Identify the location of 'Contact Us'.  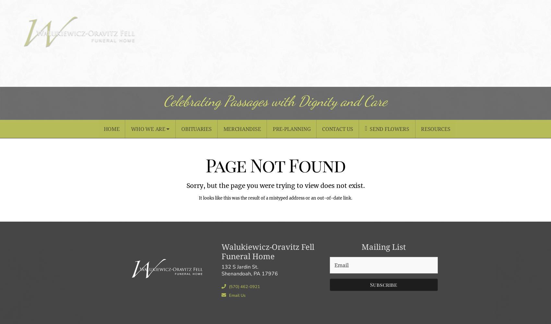
(337, 129).